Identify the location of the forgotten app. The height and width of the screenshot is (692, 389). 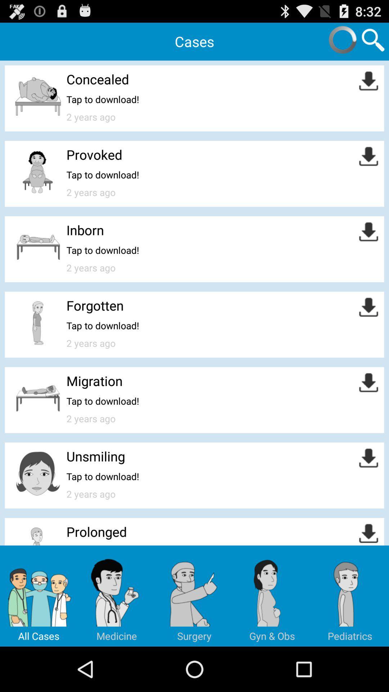
(94, 305).